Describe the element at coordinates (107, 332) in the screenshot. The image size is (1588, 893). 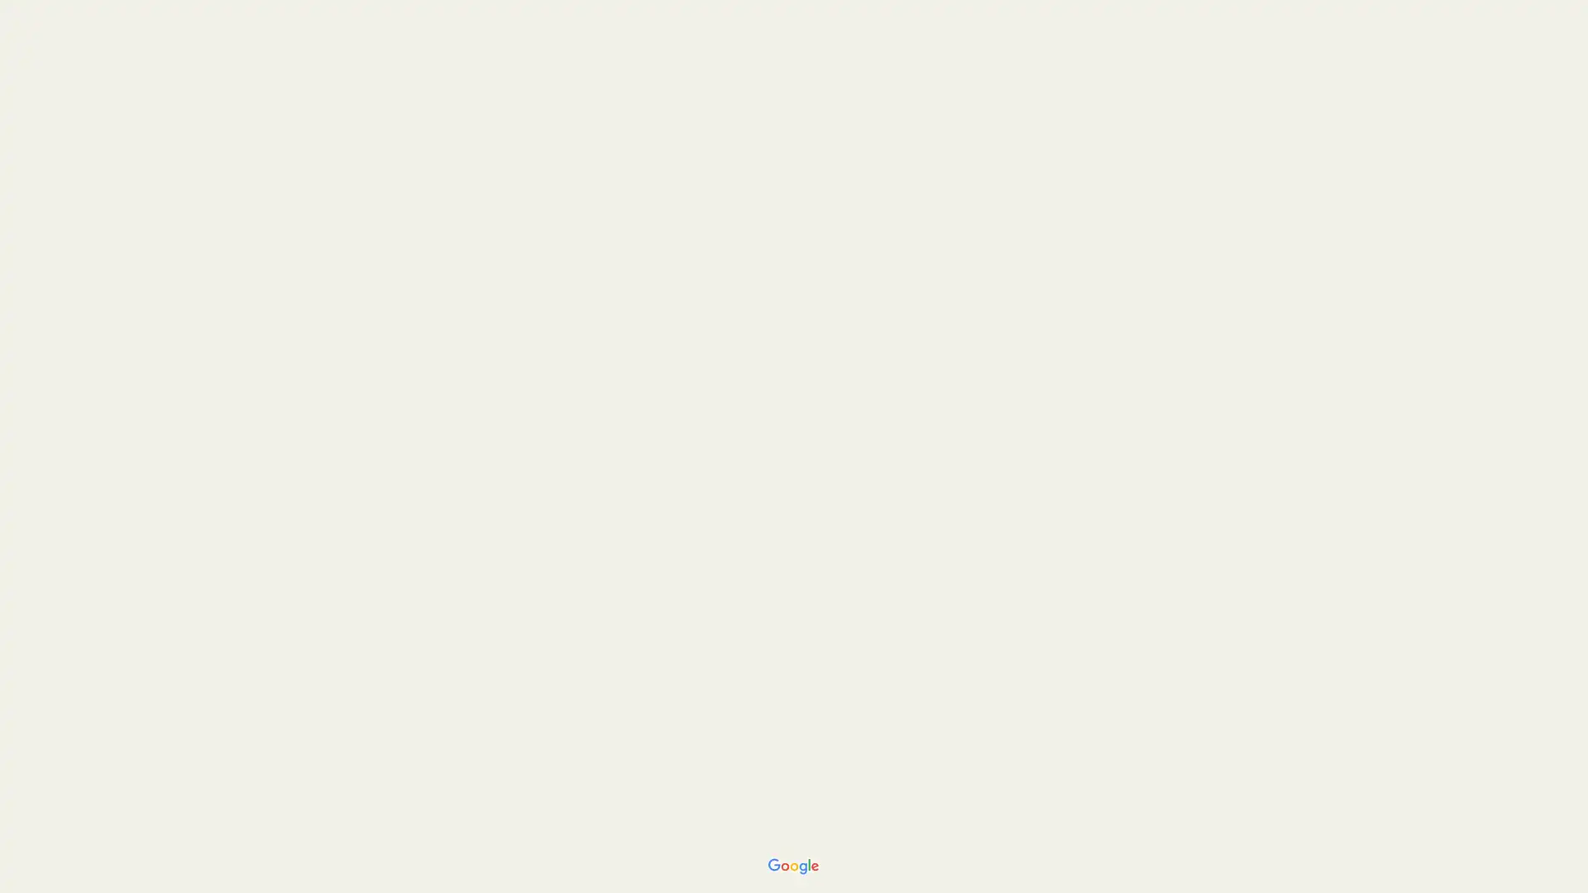
I see `Save Grunberger Str. 65 in your lists` at that location.